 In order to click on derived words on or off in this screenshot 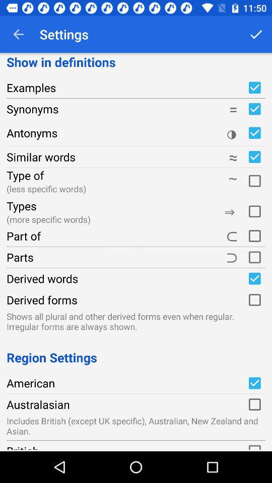, I will do `click(254, 278)`.